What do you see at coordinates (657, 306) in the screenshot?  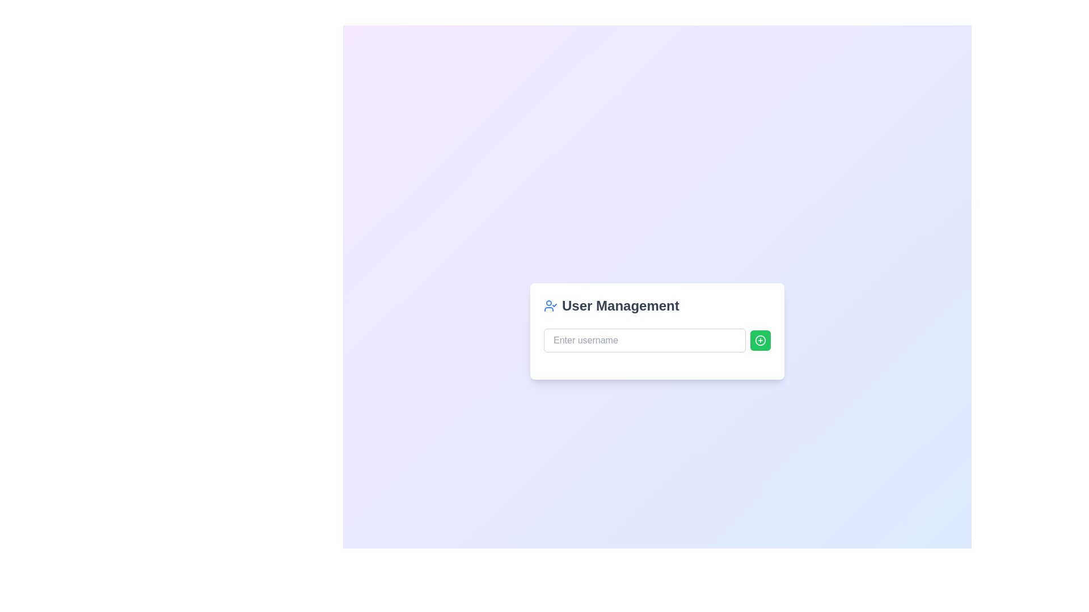 I see `the 'User Management' text with the blue user icon` at bounding box center [657, 306].